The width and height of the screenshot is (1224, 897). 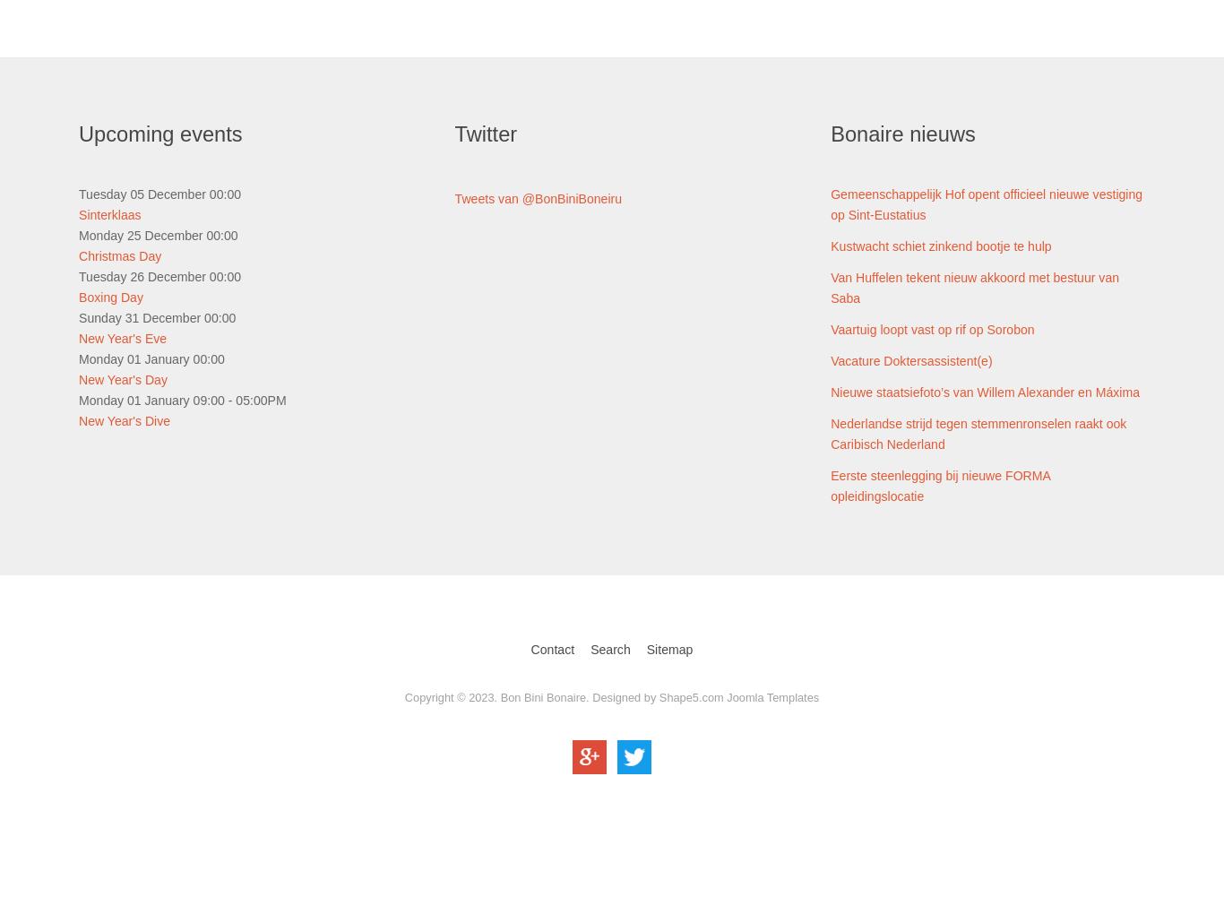 What do you see at coordinates (211, 134) in the screenshot?
I see `'events'` at bounding box center [211, 134].